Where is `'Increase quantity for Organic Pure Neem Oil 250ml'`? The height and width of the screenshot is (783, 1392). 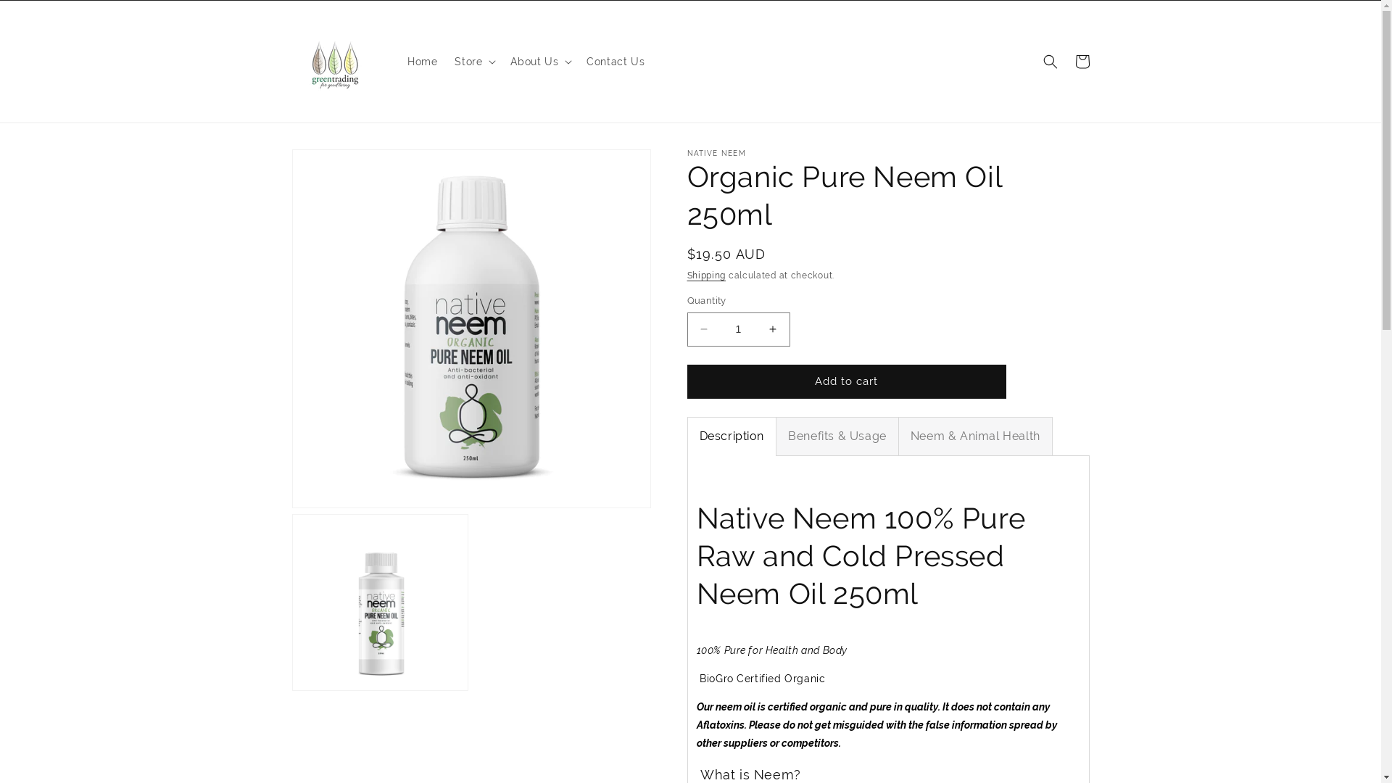
'Increase quantity for Organic Pure Neem Oil 250ml' is located at coordinates (755, 329).